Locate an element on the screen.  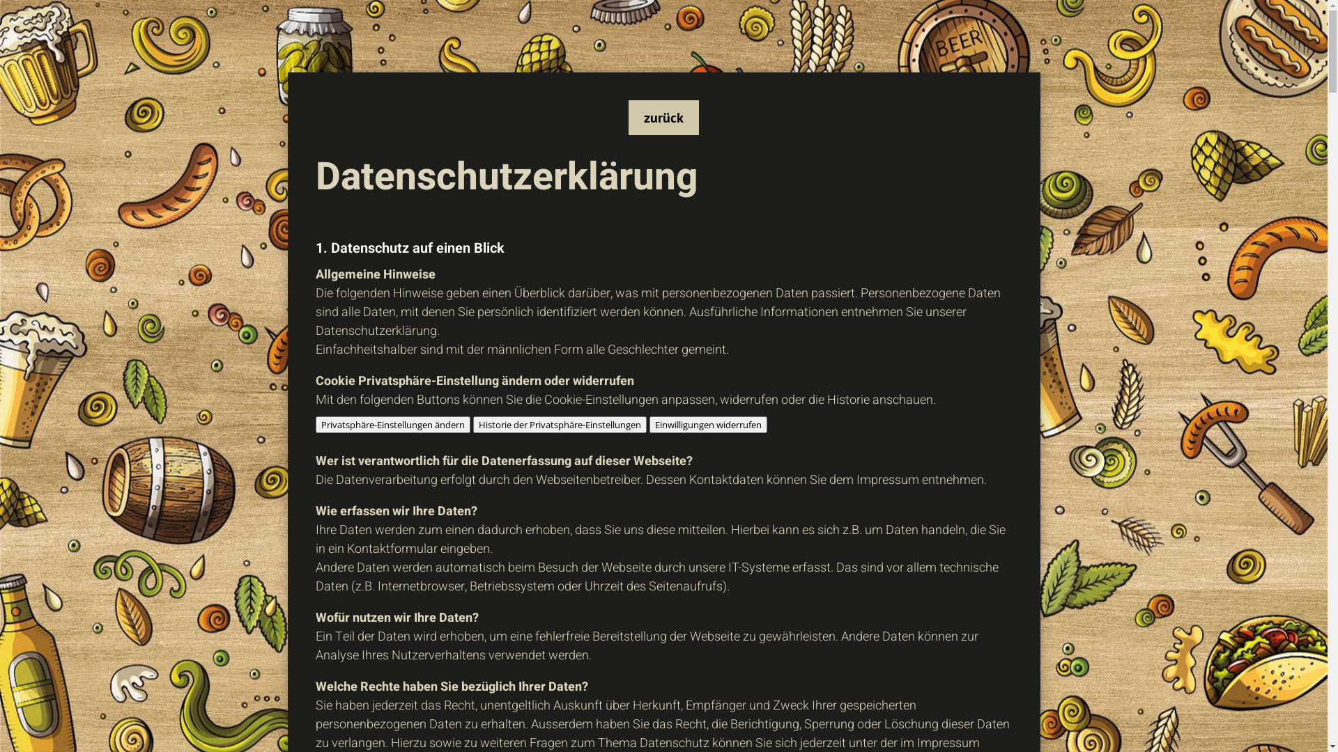
'Einwilligungen widerrufen' is located at coordinates (708, 423).